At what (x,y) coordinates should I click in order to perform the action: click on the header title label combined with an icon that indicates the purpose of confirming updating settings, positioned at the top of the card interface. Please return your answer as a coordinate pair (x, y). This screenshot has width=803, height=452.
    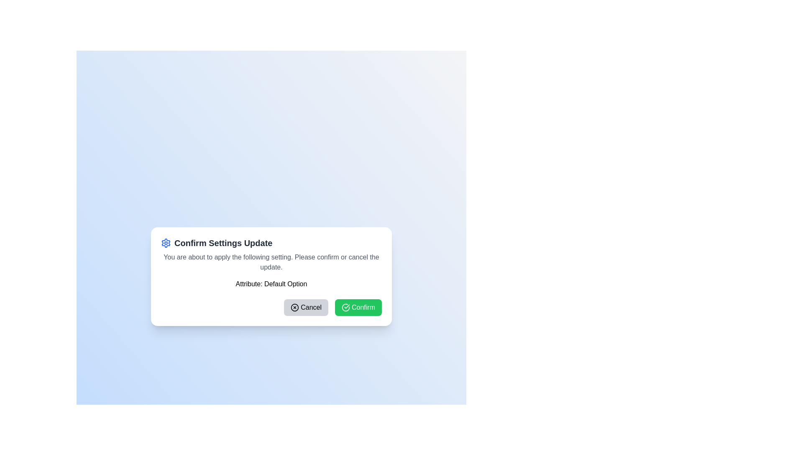
    Looking at the image, I should click on (271, 243).